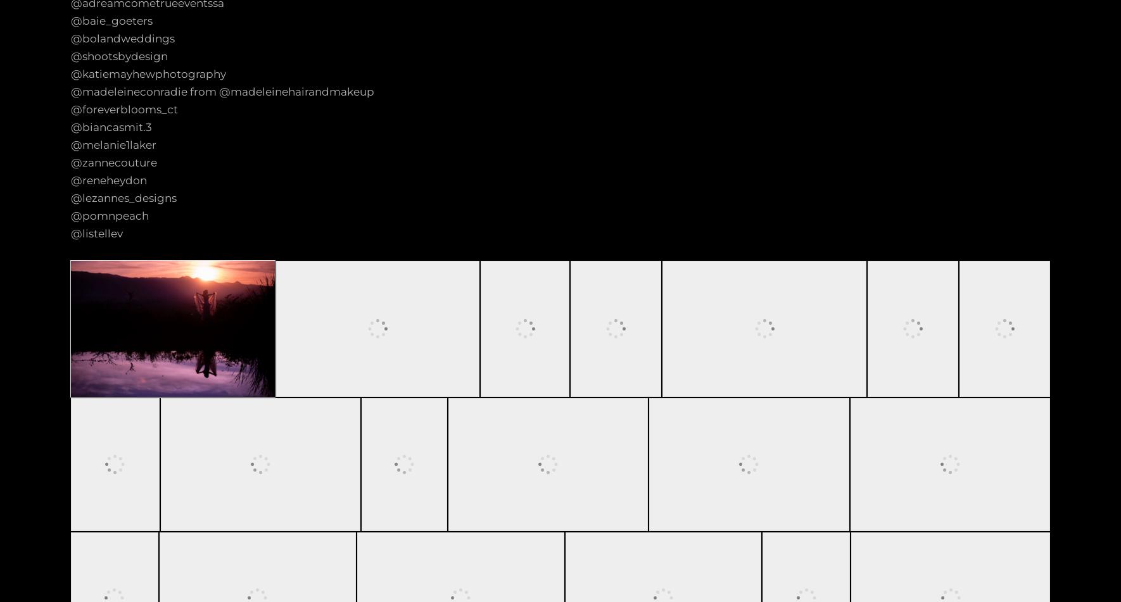 The width and height of the screenshot is (1121, 602). Describe the element at coordinates (70, 92) in the screenshot. I see `'@madeleineconradie from @madeleinehairandmakeup'` at that location.